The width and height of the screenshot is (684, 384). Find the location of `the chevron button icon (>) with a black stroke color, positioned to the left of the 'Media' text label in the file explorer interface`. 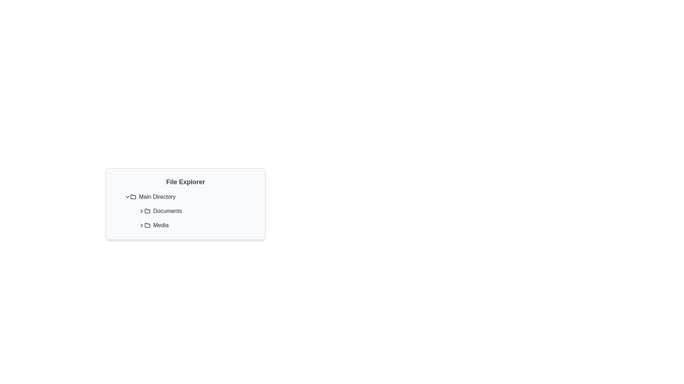

the chevron button icon (>) with a black stroke color, positioned to the left of the 'Media' text label in the file explorer interface is located at coordinates (142, 225).